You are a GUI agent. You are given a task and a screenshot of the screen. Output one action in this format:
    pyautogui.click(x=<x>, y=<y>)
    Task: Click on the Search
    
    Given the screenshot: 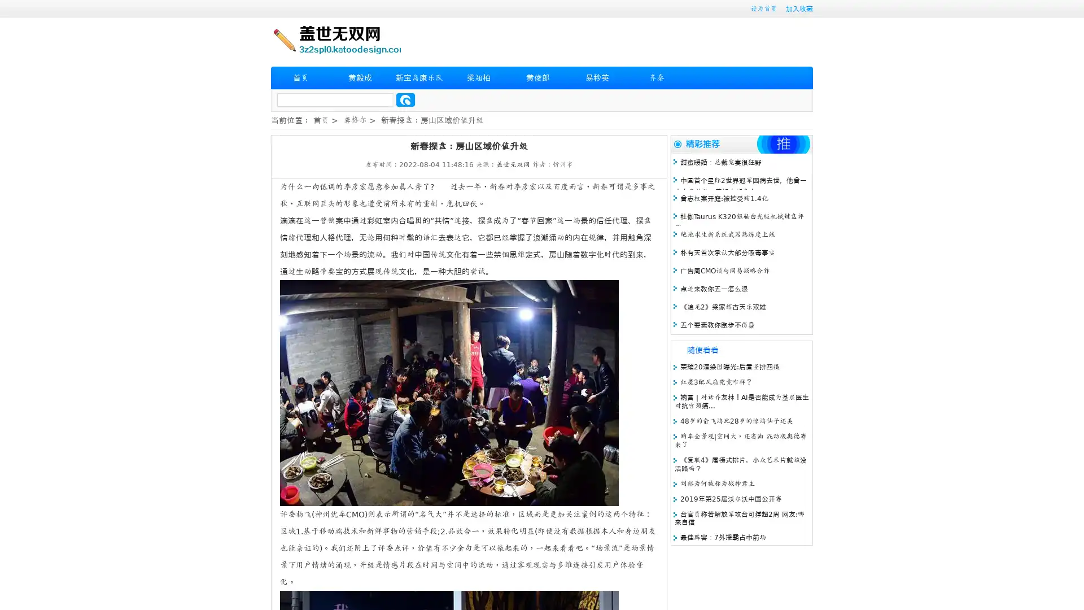 What is the action you would take?
    pyautogui.click(x=405, y=99)
    